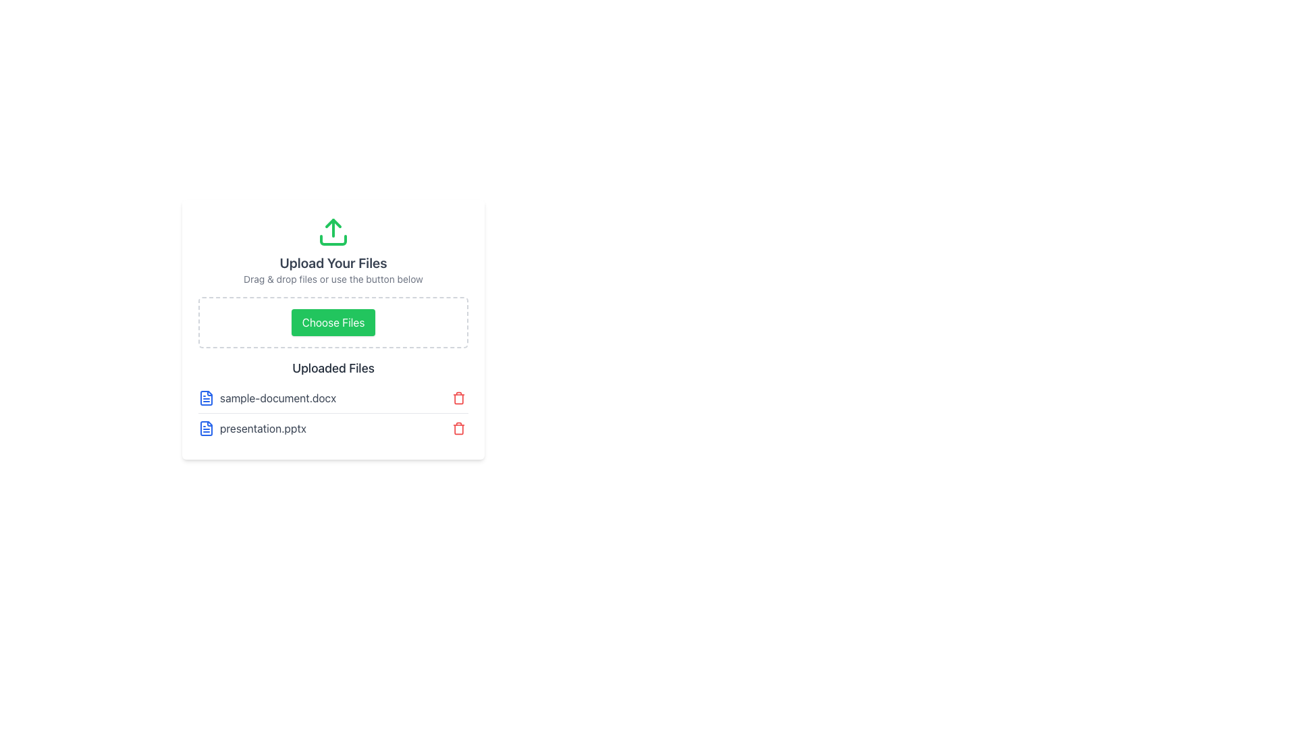  Describe the element at coordinates (333, 323) in the screenshot. I see `the 'Choose Files' button with a green background located in the 'Upload Your Files' section` at that location.